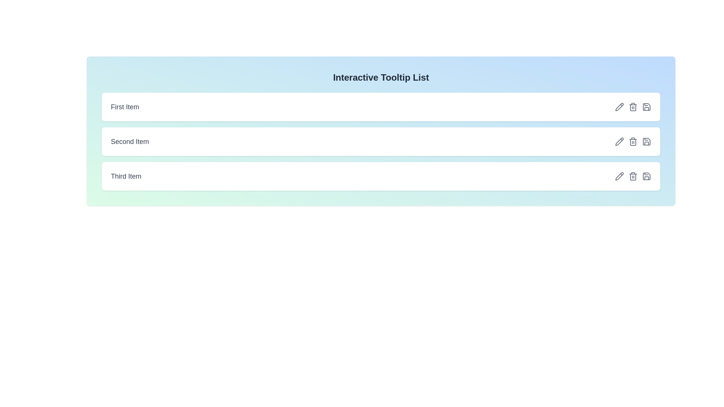 The height and width of the screenshot is (407, 724). What do you see at coordinates (381, 77) in the screenshot?
I see `the text label displaying 'Interactive Tooltip List' which is centrally aligned and serves as a header for the content below` at bounding box center [381, 77].